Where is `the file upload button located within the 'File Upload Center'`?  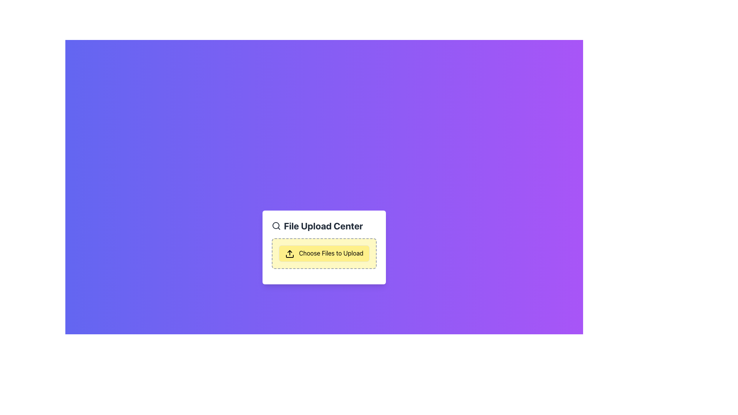
the file upload button located within the 'File Upload Center' is located at coordinates (324, 253).